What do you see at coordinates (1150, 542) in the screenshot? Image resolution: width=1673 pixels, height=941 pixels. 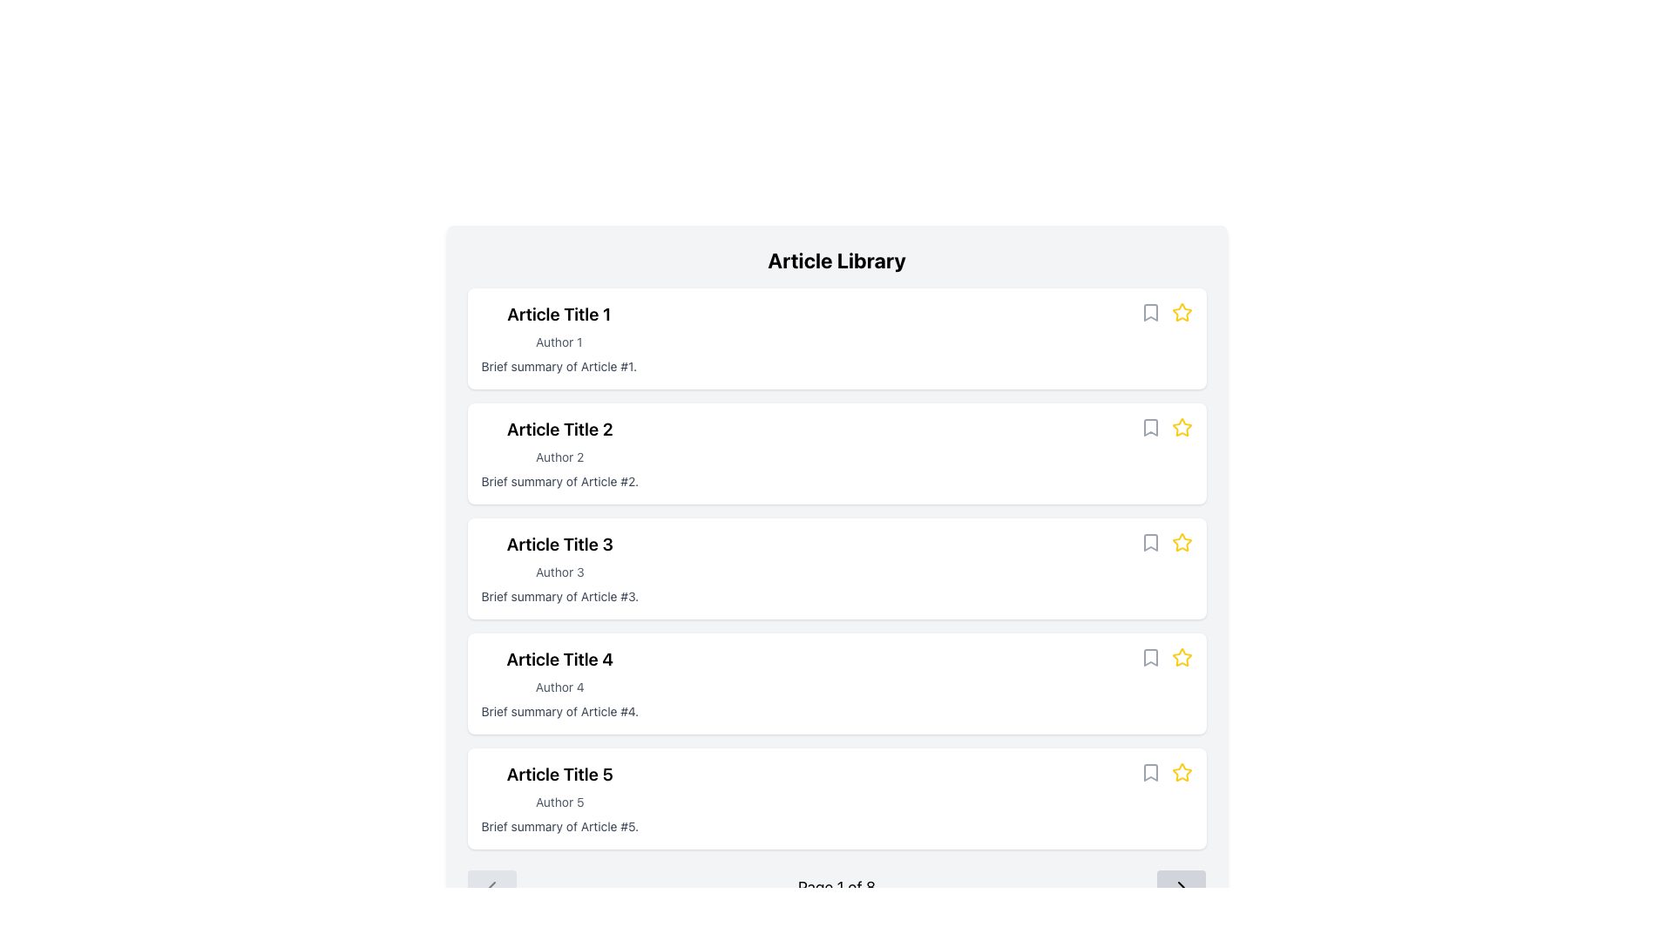 I see `the bookmark-shaped button with a gray outline located to the left of the star-shaped icon in the 'Article Library' interface under 'Article Title 3' to bookmark the item` at bounding box center [1150, 542].